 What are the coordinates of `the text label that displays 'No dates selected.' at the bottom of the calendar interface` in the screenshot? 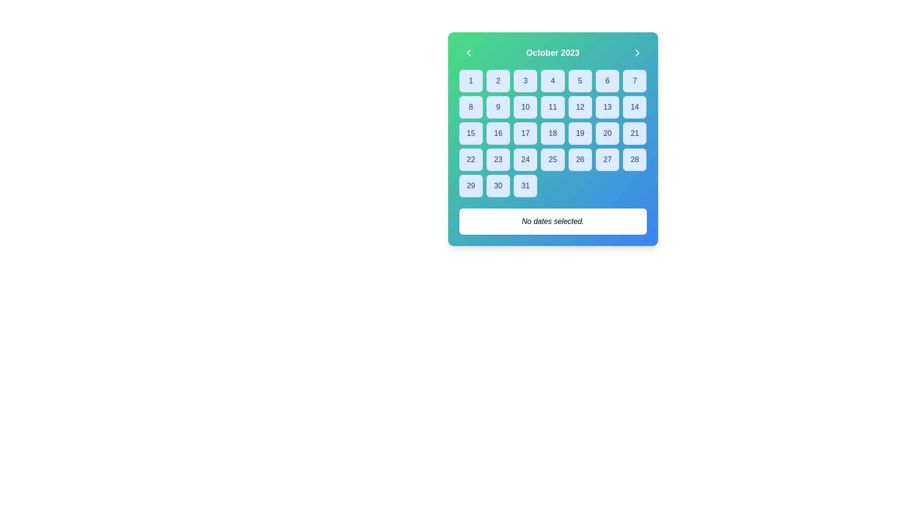 It's located at (553, 222).